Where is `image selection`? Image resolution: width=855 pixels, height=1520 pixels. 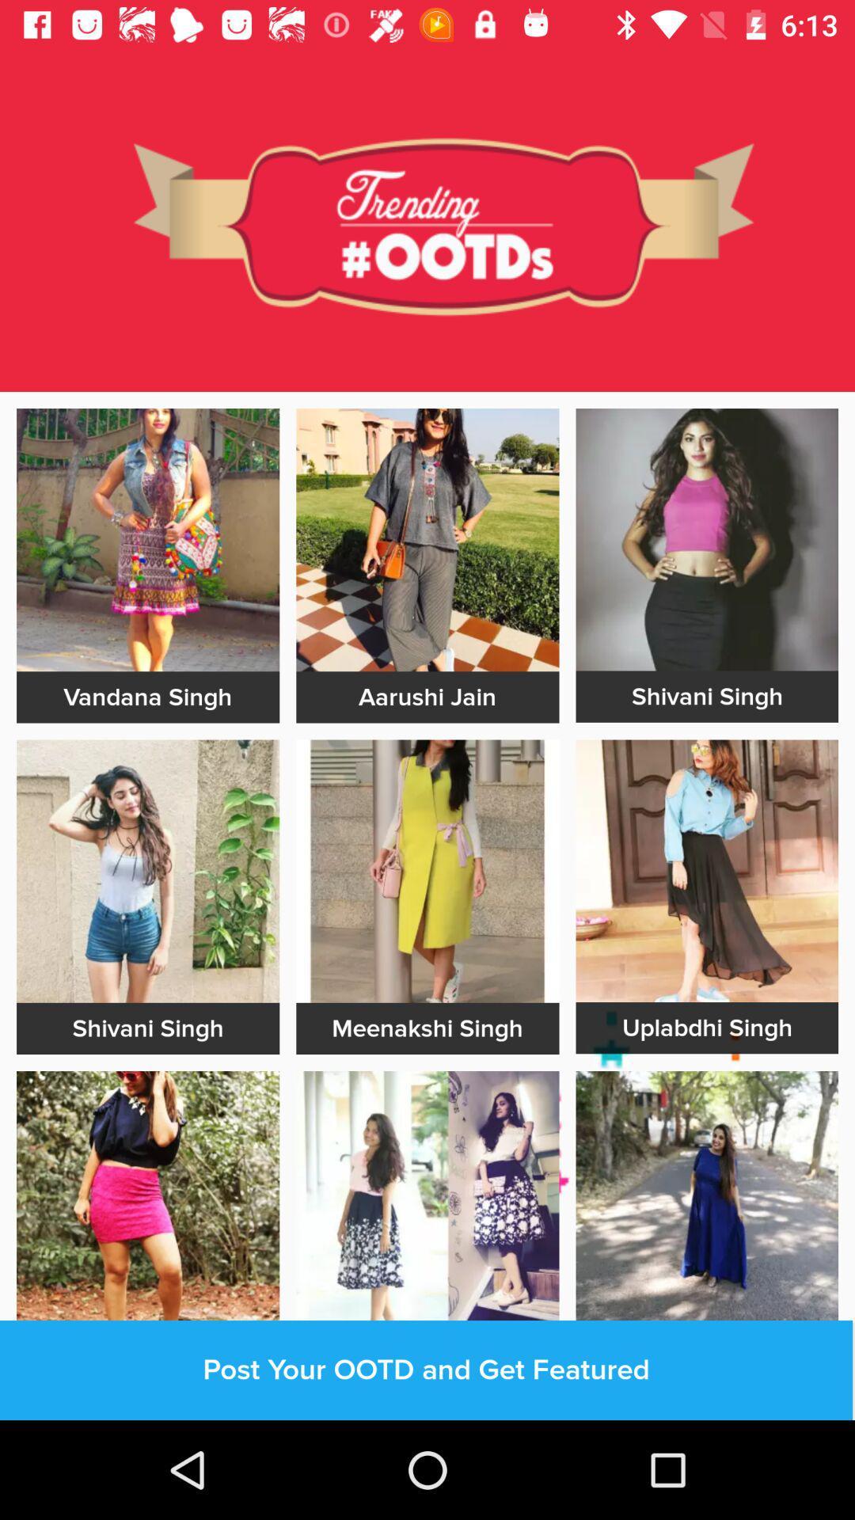
image selection is located at coordinates (148, 1203).